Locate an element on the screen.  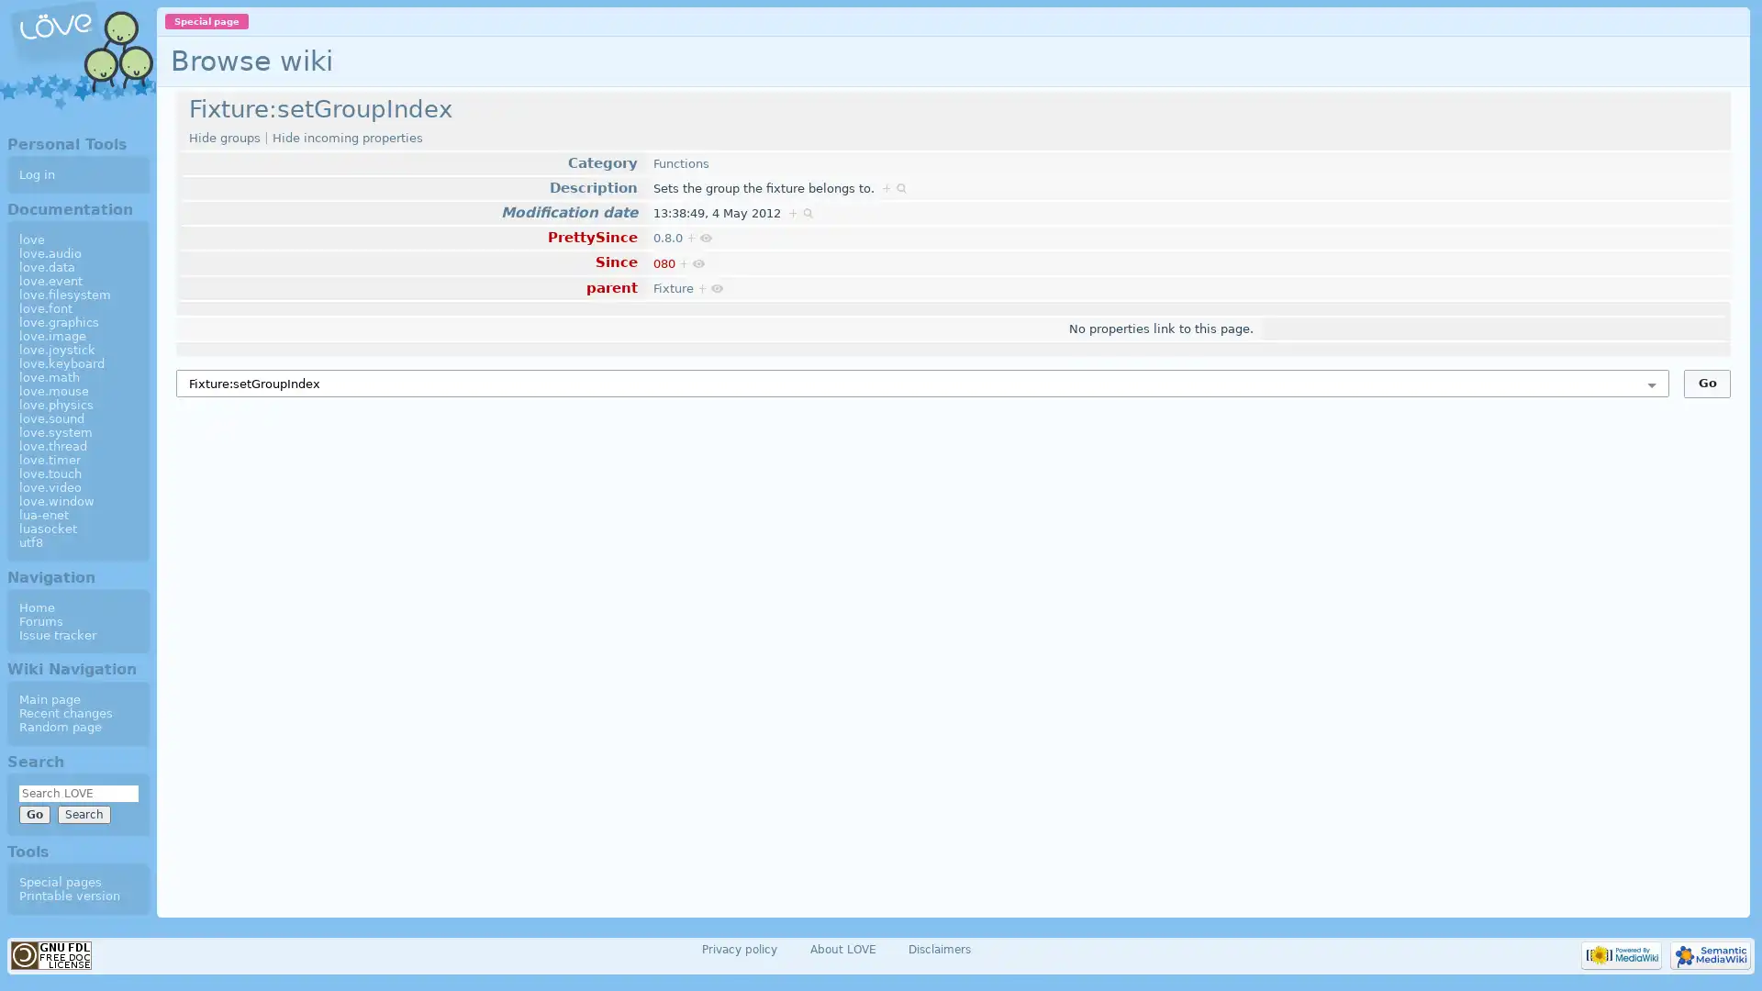
Go is located at coordinates (34, 813).